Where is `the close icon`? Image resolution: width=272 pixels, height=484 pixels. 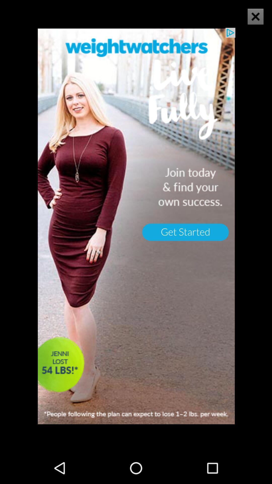 the close icon is located at coordinates (255, 18).